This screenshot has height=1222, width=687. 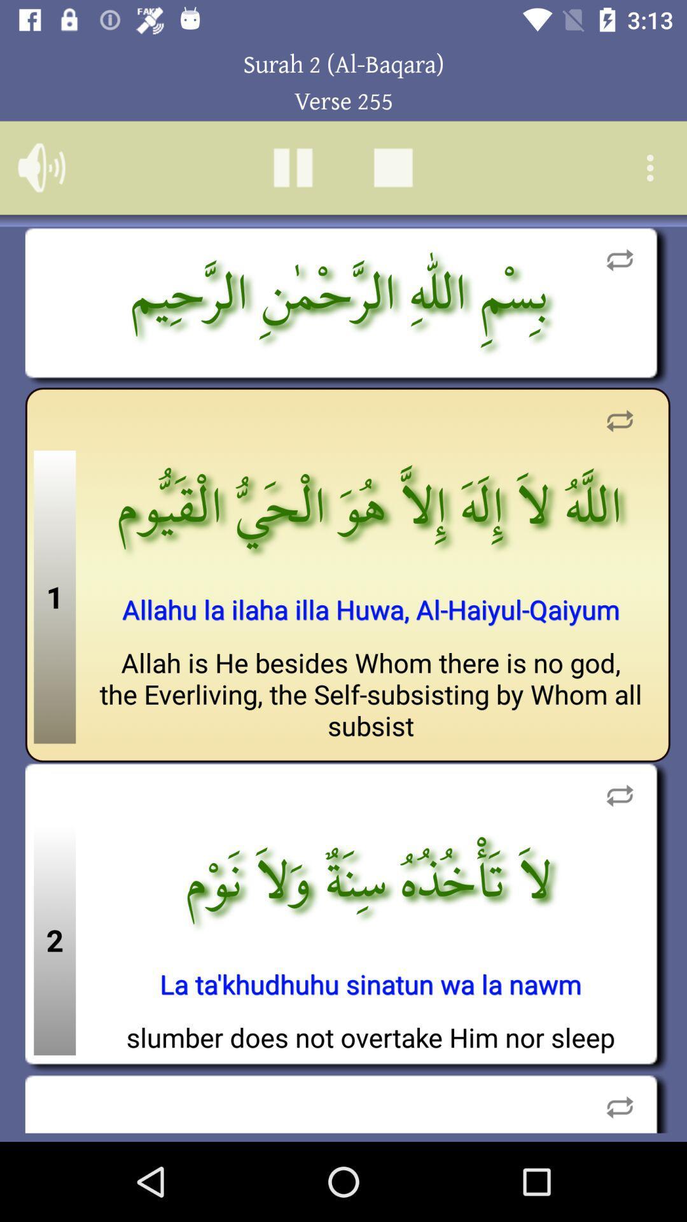 I want to click on refresh, so click(x=619, y=421).